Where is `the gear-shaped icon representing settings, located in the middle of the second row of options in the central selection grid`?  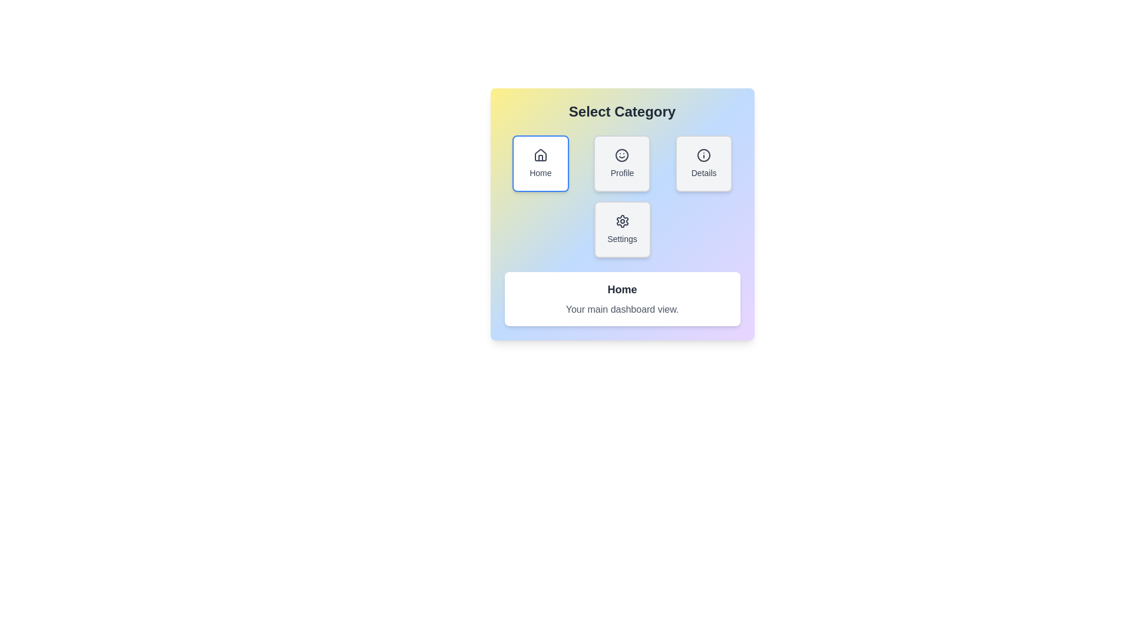
the gear-shaped icon representing settings, located in the middle of the second row of options in the central selection grid is located at coordinates (621, 221).